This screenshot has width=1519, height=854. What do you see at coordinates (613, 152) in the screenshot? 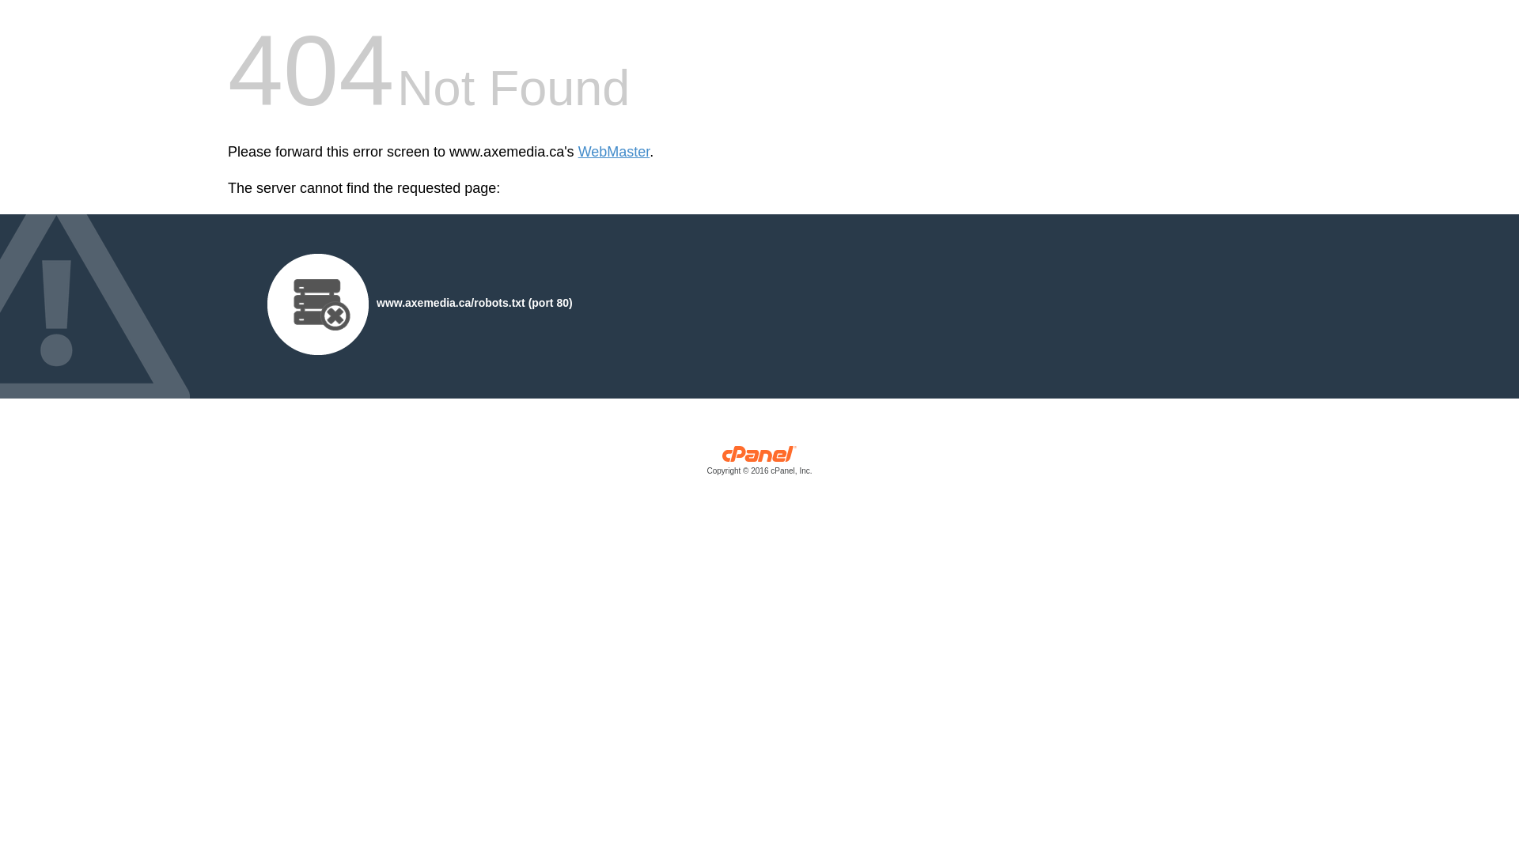
I see `'WebMaster'` at bounding box center [613, 152].